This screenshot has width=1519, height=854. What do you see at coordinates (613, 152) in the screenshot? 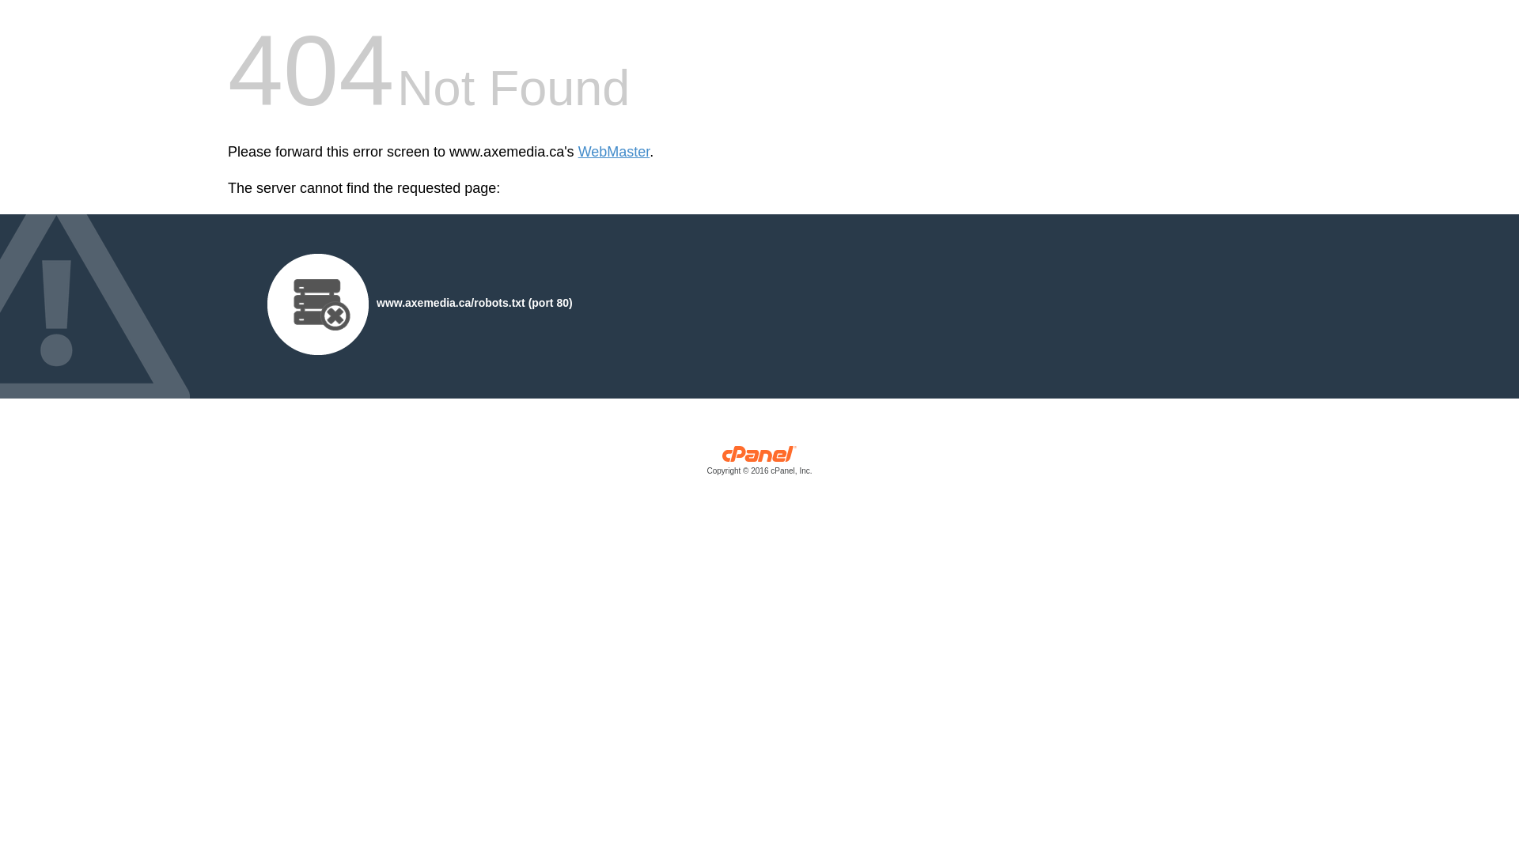
I see `'WebMaster'` at bounding box center [613, 152].